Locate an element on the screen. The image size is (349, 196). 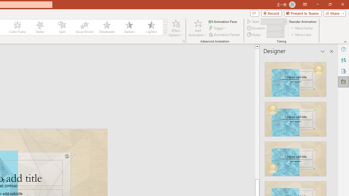
'Effect Options' is located at coordinates (176, 28).